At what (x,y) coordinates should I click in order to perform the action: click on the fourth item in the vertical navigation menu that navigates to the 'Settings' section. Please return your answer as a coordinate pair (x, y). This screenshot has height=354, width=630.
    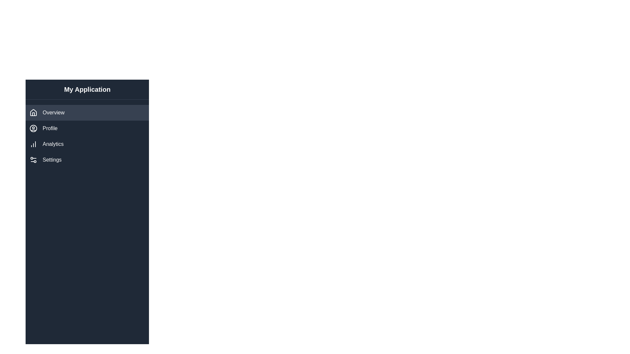
    Looking at the image, I should click on (87, 160).